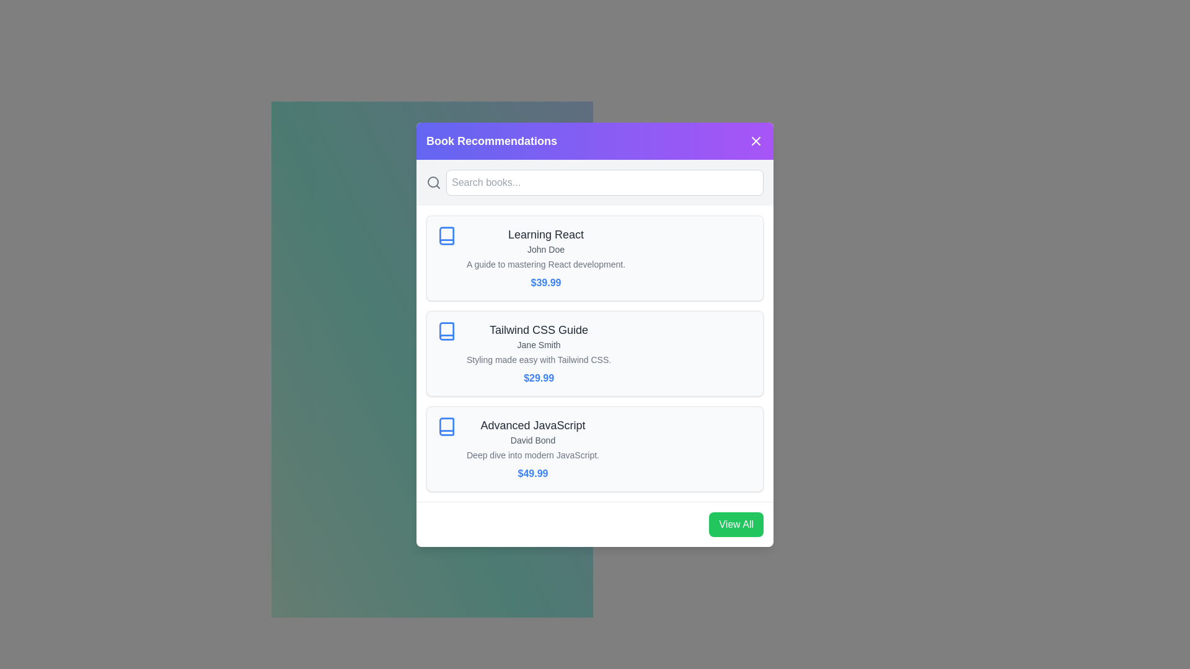  Describe the element at coordinates (446, 235) in the screenshot. I see `the decorative icon positioned in the topmost item of the 'Book Recommendations' modal window, adjacent to the text details of the book 'Learning React.'` at that location.